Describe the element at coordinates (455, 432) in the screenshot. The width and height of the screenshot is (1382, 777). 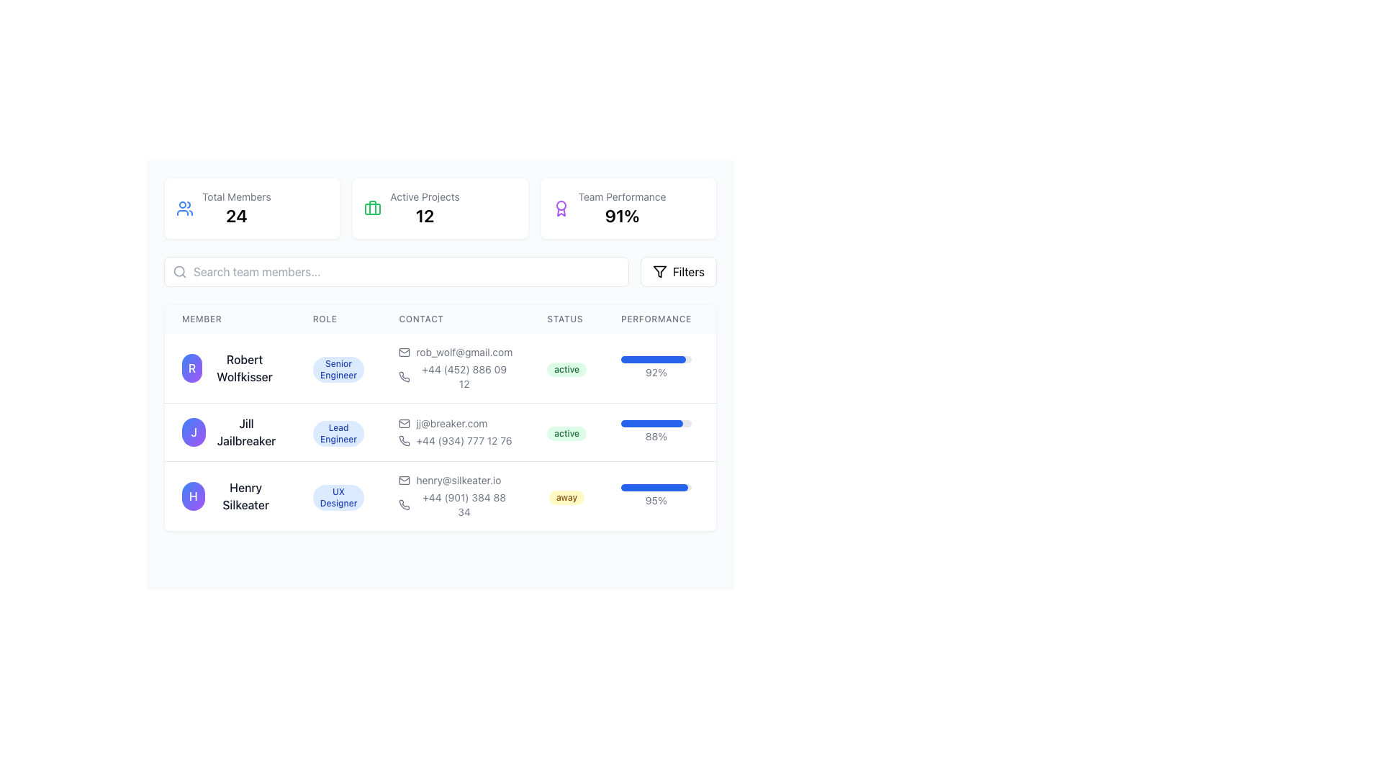
I see `the email address 'jj@breaker.com' in the Contact information display for Jill Jailbreaker, which is located in the second row of the Contact column` at that location.